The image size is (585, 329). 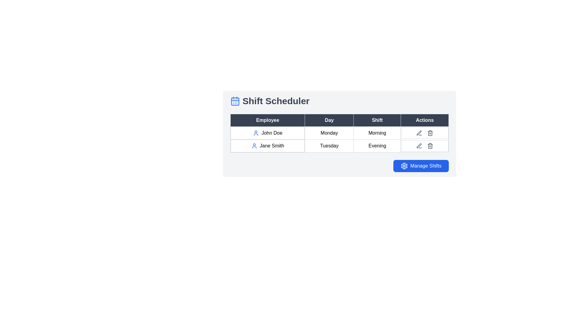 What do you see at coordinates (268, 133) in the screenshot?
I see `the first row in the 'Employee' column of the shift schedule table` at bounding box center [268, 133].